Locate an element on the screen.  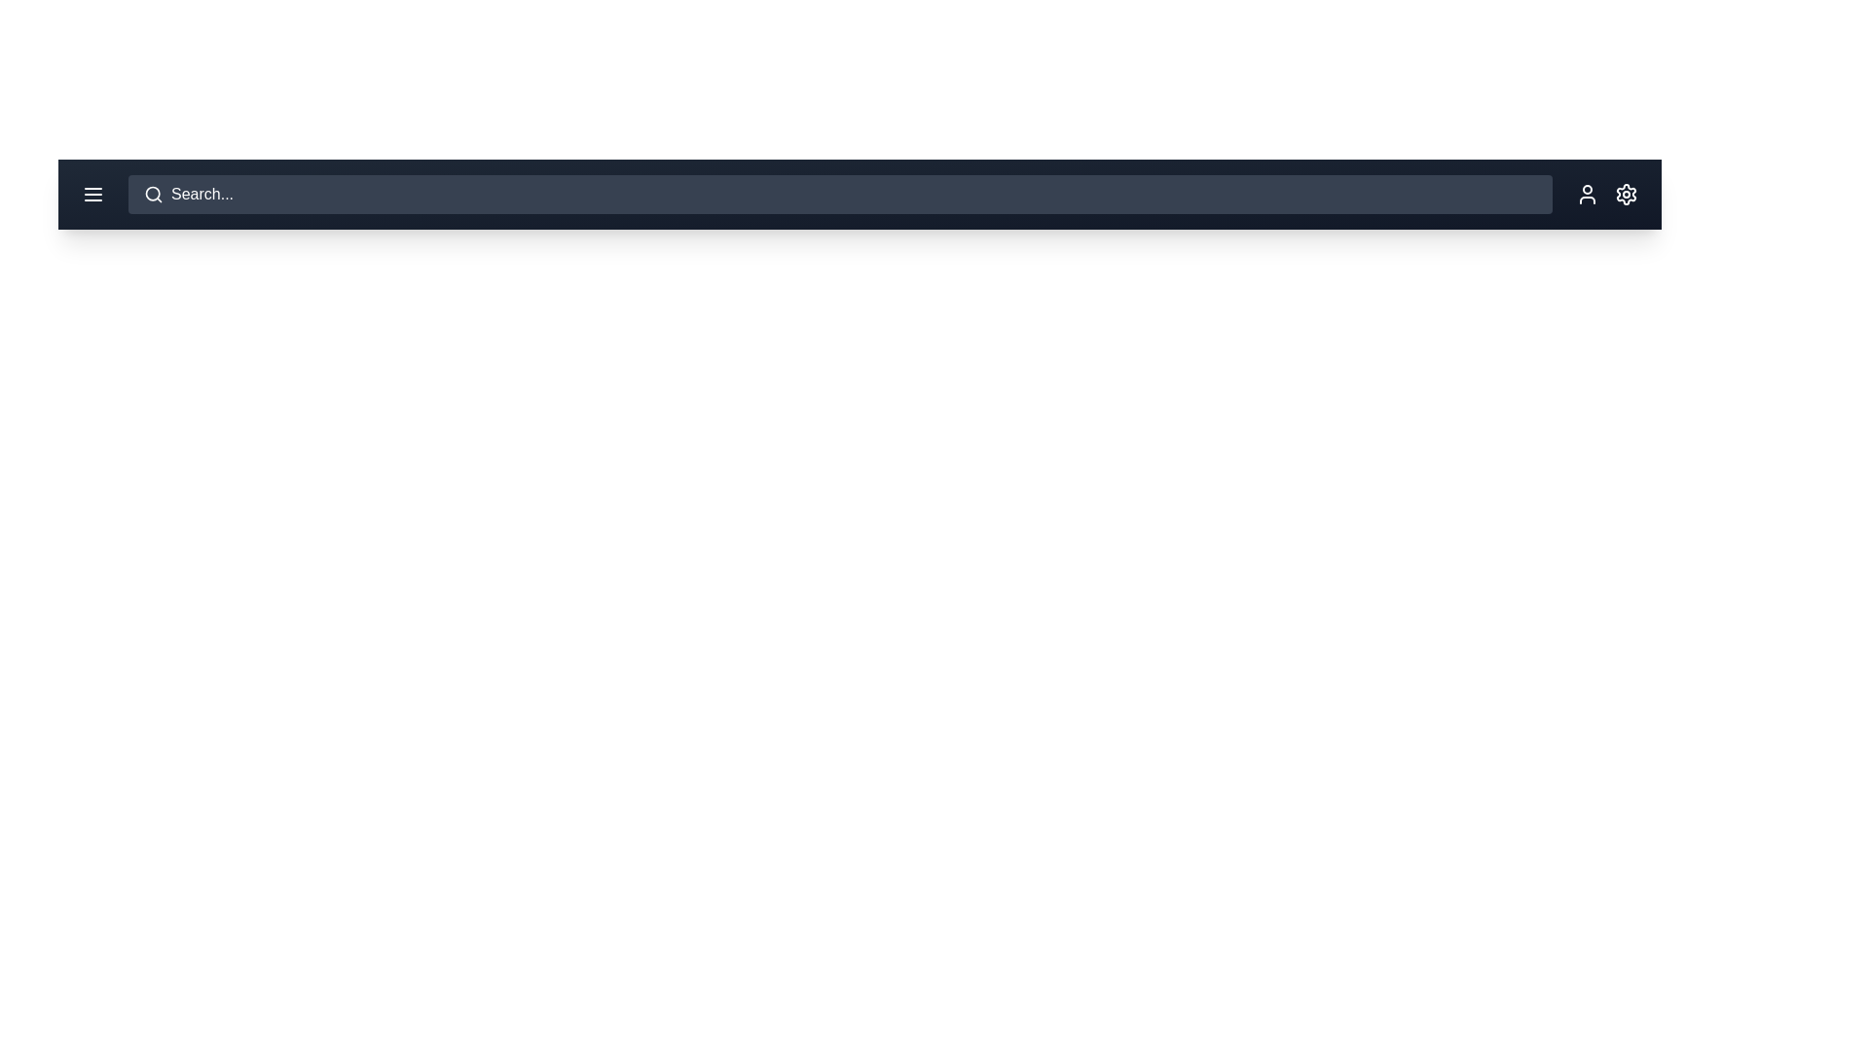
the menu toggle button is located at coordinates (92, 195).